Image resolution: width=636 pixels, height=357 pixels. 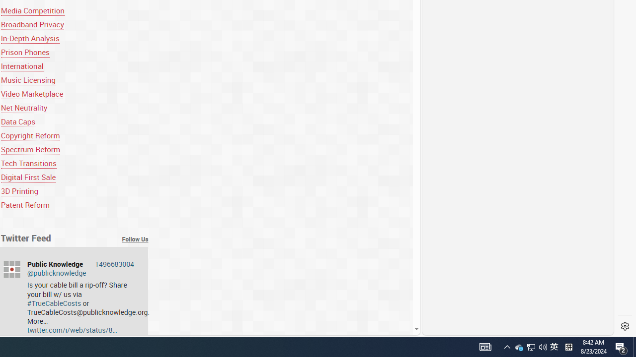 I want to click on 'Digital First Sale', so click(x=28, y=177).